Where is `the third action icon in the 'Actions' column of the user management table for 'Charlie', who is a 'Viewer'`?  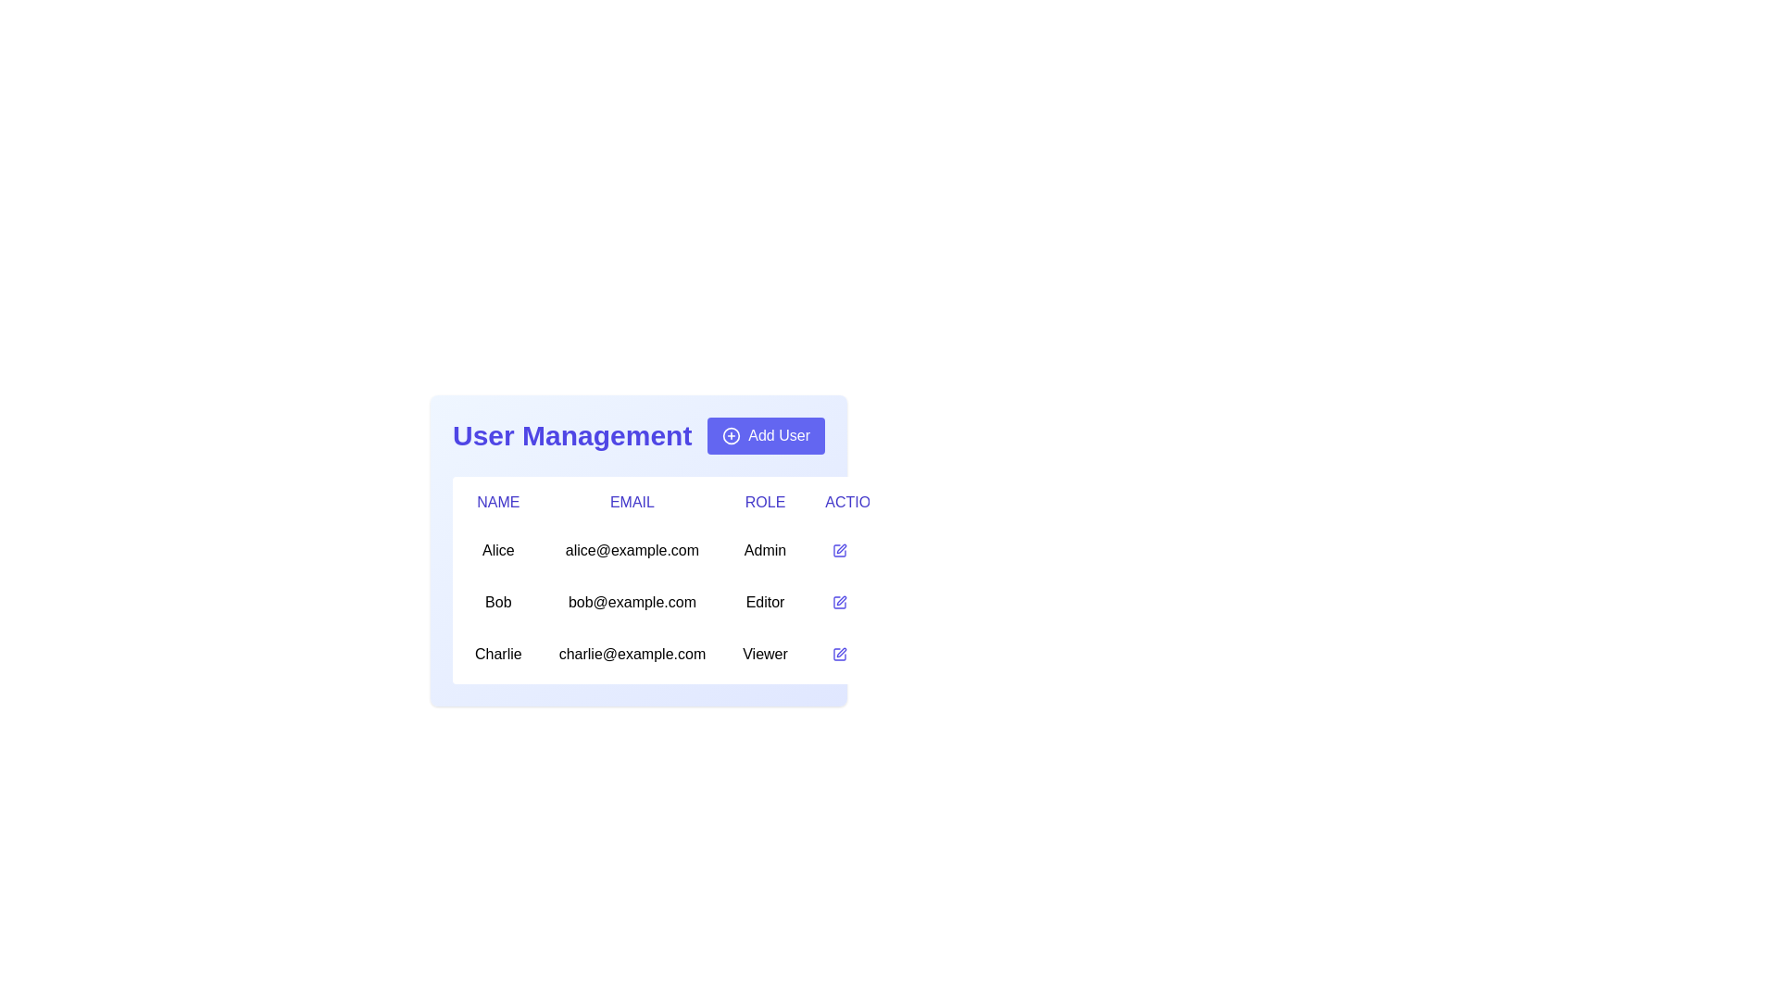
the third action icon in the 'Actions' column of the user management table for 'Charlie', who is a 'Viewer' is located at coordinates (838, 653).